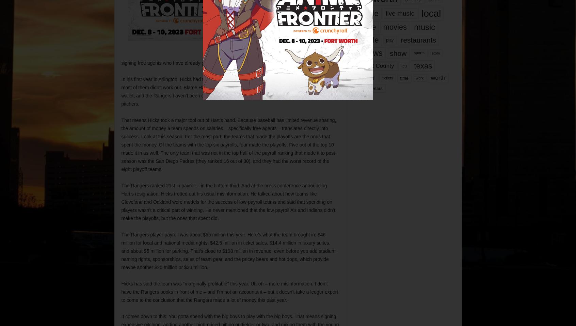 The width and height of the screenshot is (576, 326). Describe the element at coordinates (121, 38) in the screenshot. I see `'A baseball GM has three ways to develop talent. The first is bringing along young talent through a farm system, always a big crapshoot. The second way is to make trades that benefit your team. And the third and probably most important way is by signing free agents who have already proven themselves in the bigs.'` at that location.